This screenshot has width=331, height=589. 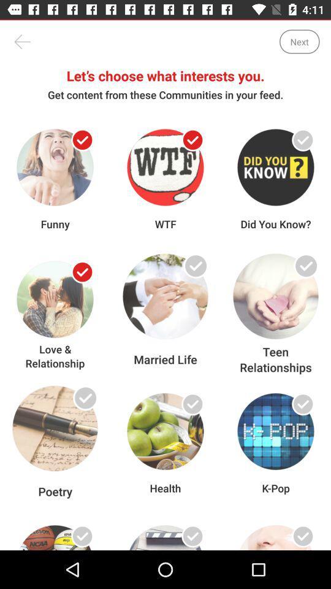 What do you see at coordinates (299, 42) in the screenshot?
I see `icon above let s choose` at bounding box center [299, 42].